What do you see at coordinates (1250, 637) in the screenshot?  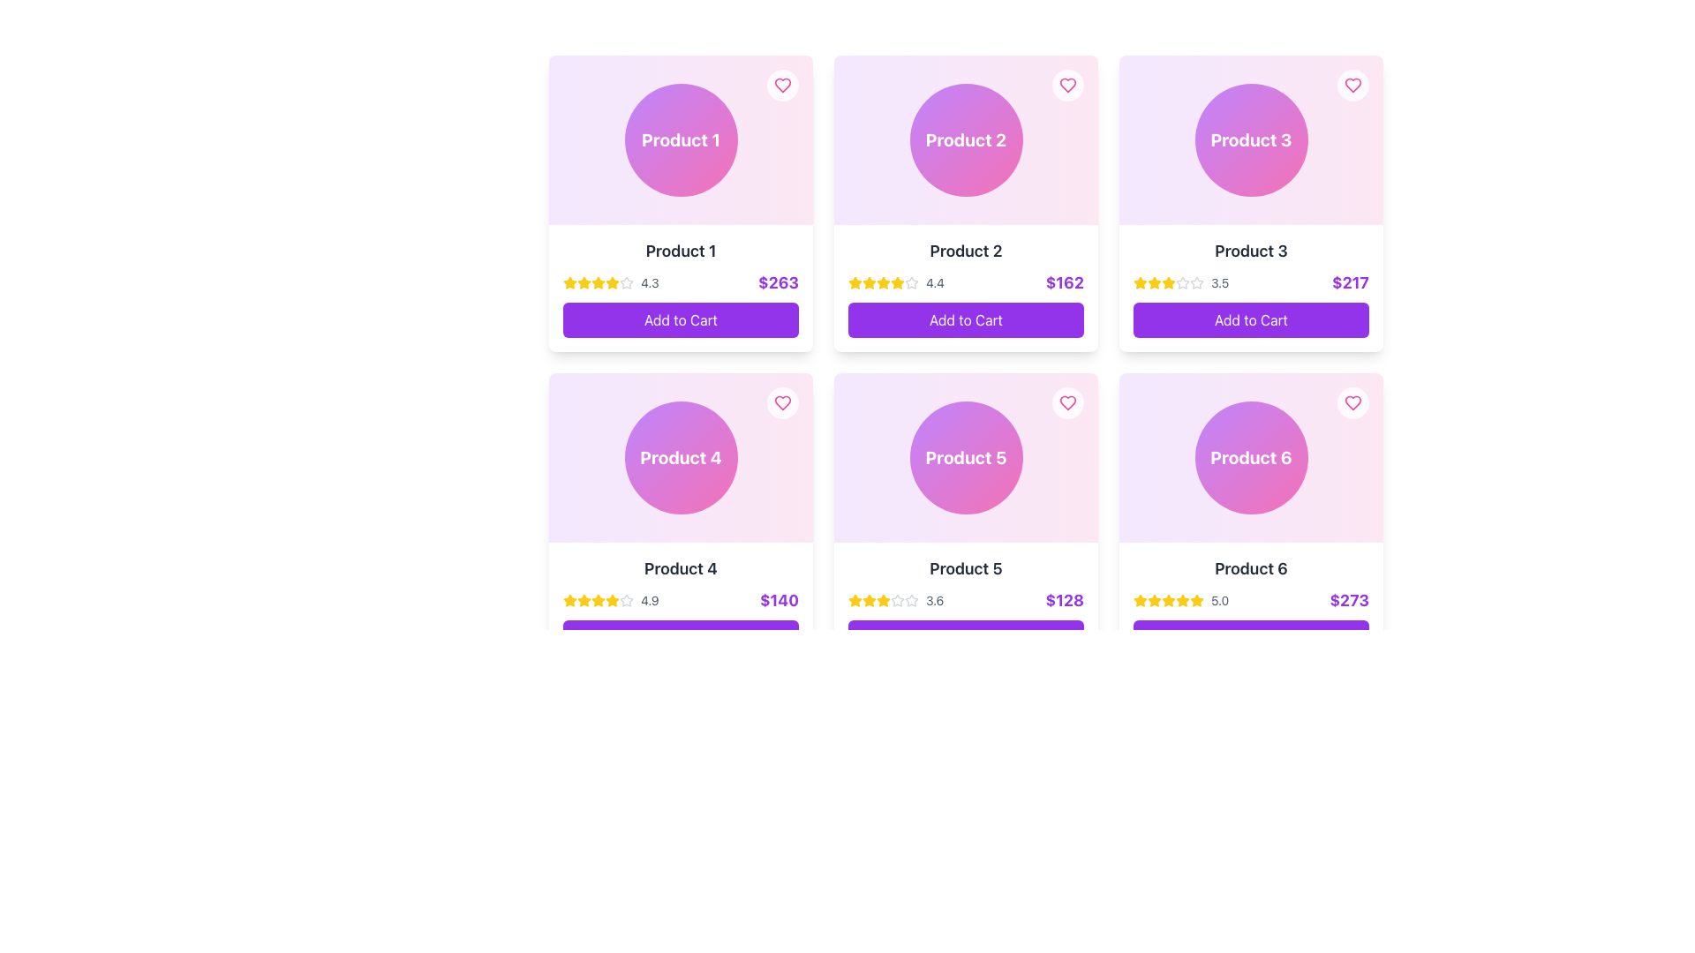 I see `the button that adds 'Product 6' to the shopping cart to observe the hover effect` at bounding box center [1250, 637].